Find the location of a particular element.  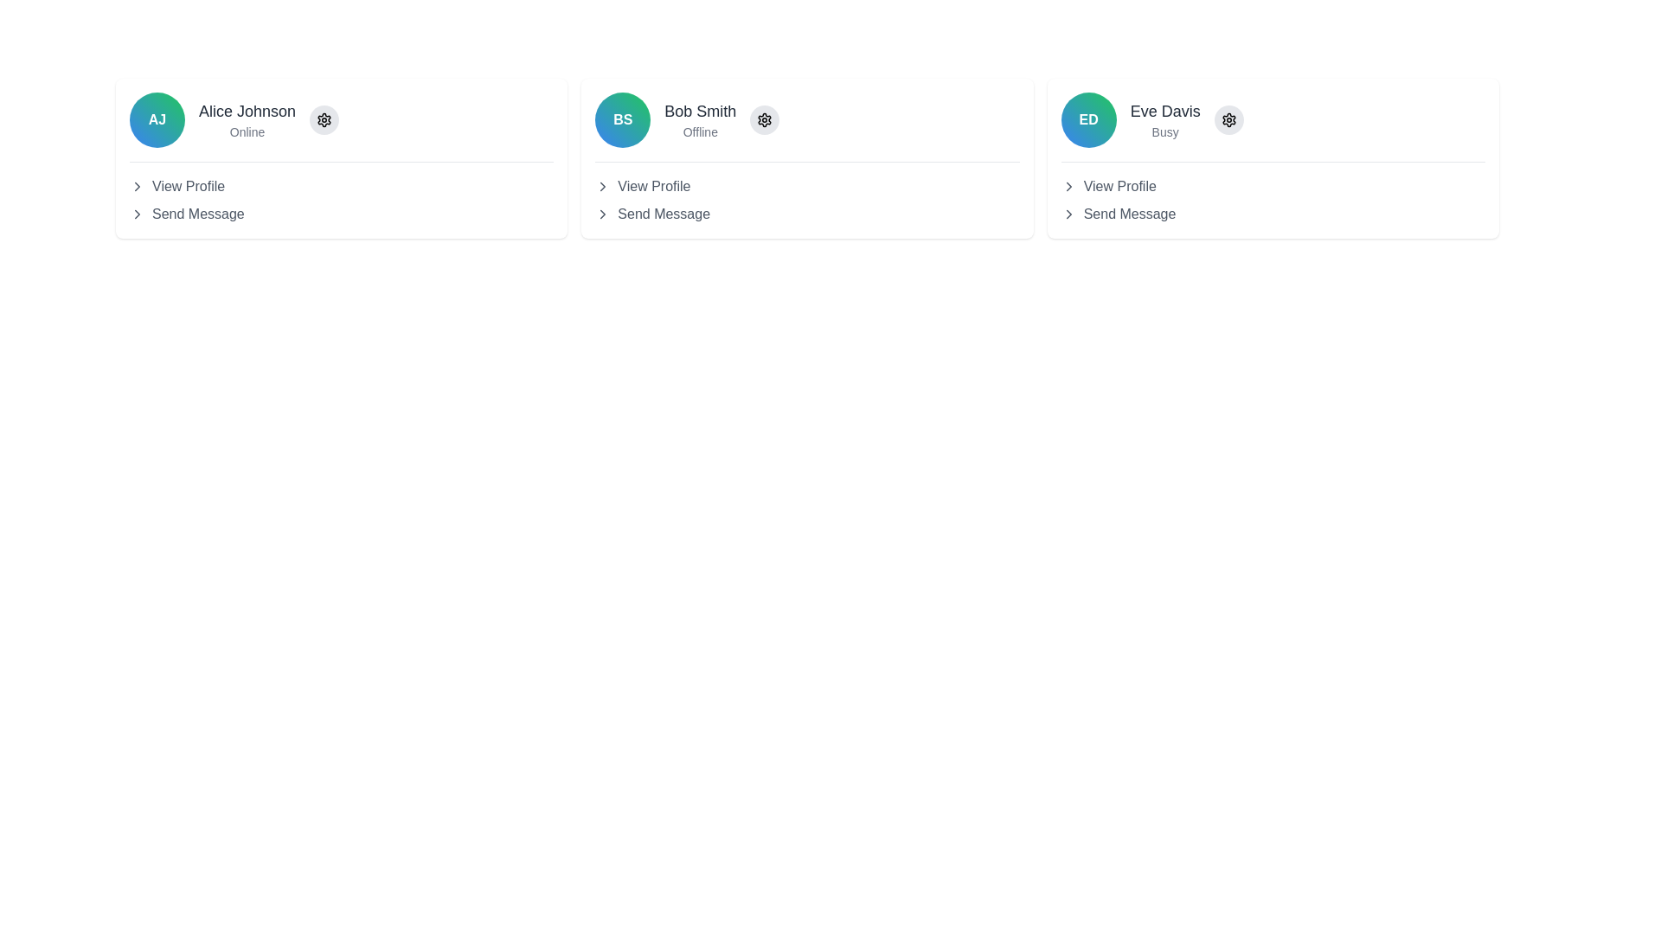

the interactive list element related to the user 'Bob Smith' is located at coordinates (806, 199).